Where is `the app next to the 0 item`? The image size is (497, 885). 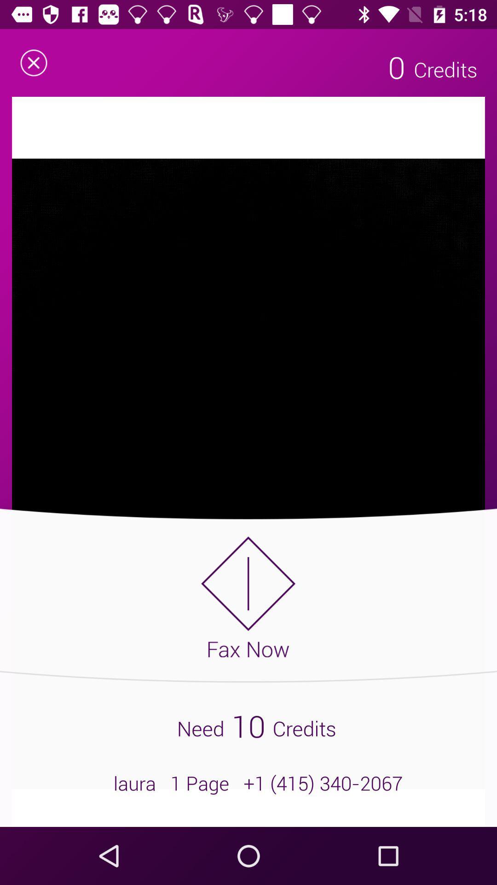 the app next to the 0 item is located at coordinates (33, 62).